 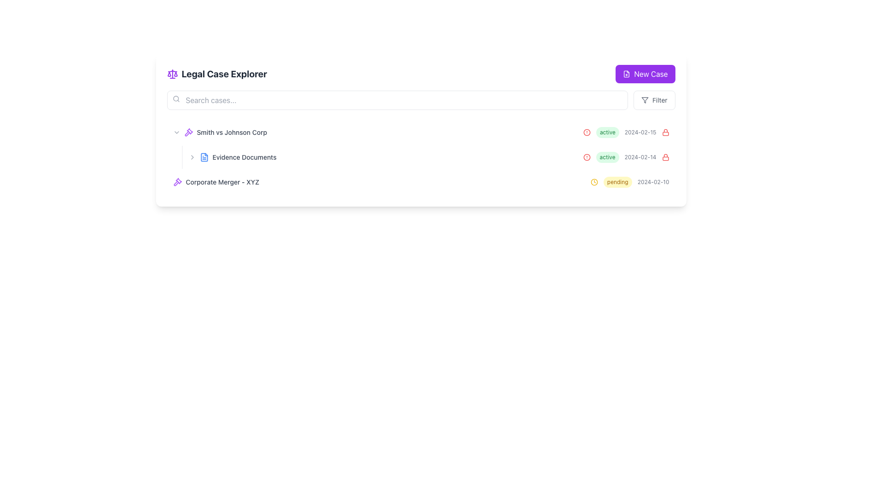 I want to click on the rectangular purple button labeled 'New Case' to observe the hover effect, so click(x=645, y=74).